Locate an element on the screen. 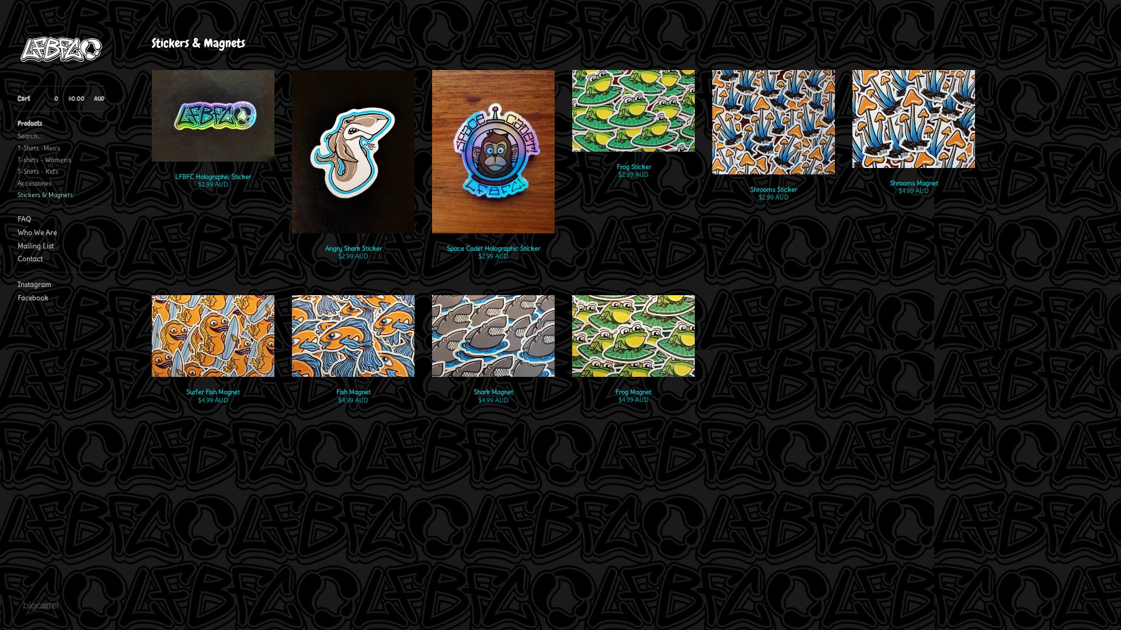 This screenshot has width=1121, height=630. 'Angry Shark Sticker is located at coordinates (352, 173).